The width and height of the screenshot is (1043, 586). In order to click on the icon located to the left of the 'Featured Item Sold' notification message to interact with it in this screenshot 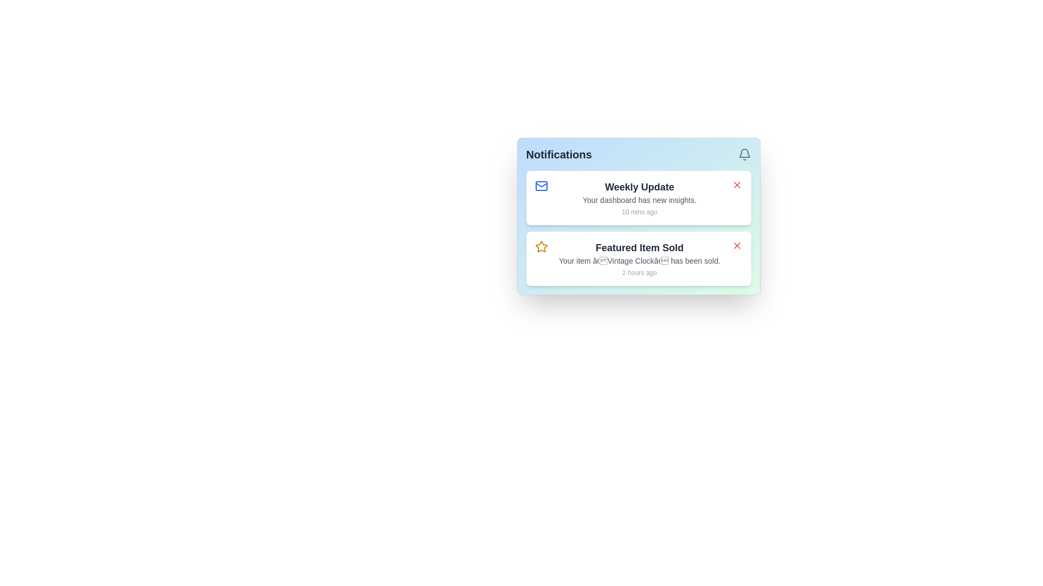, I will do `click(541, 246)`.